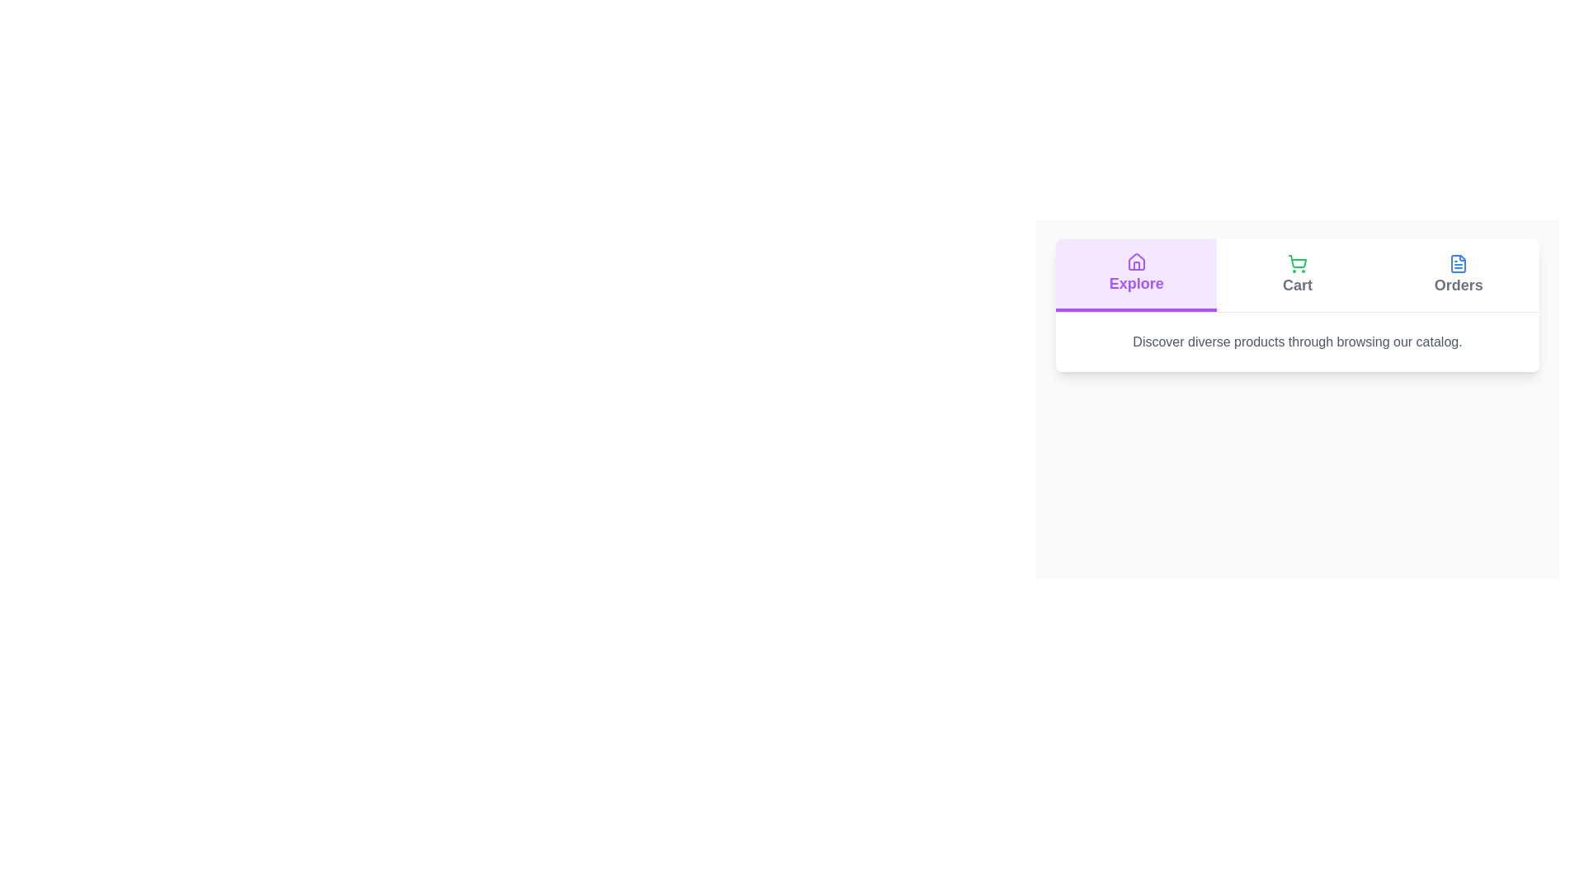 The image size is (1584, 891). Describe the element at coordinates (1458, 275) in the screenshot. I see `the 'Orders' tab to switch to the order history view` at that location.